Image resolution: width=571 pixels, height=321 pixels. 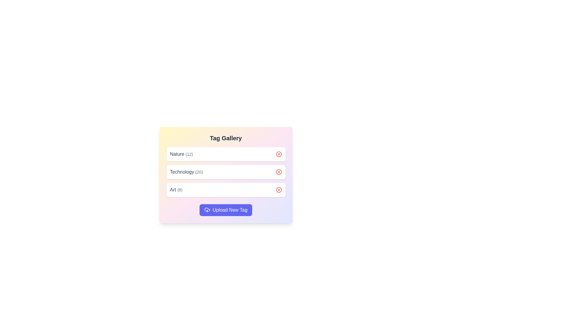 What do you see at coordinates (278, 172) in the screenshot?
I see `the removal button for the tag Technology` at bounding box center [278, 172].